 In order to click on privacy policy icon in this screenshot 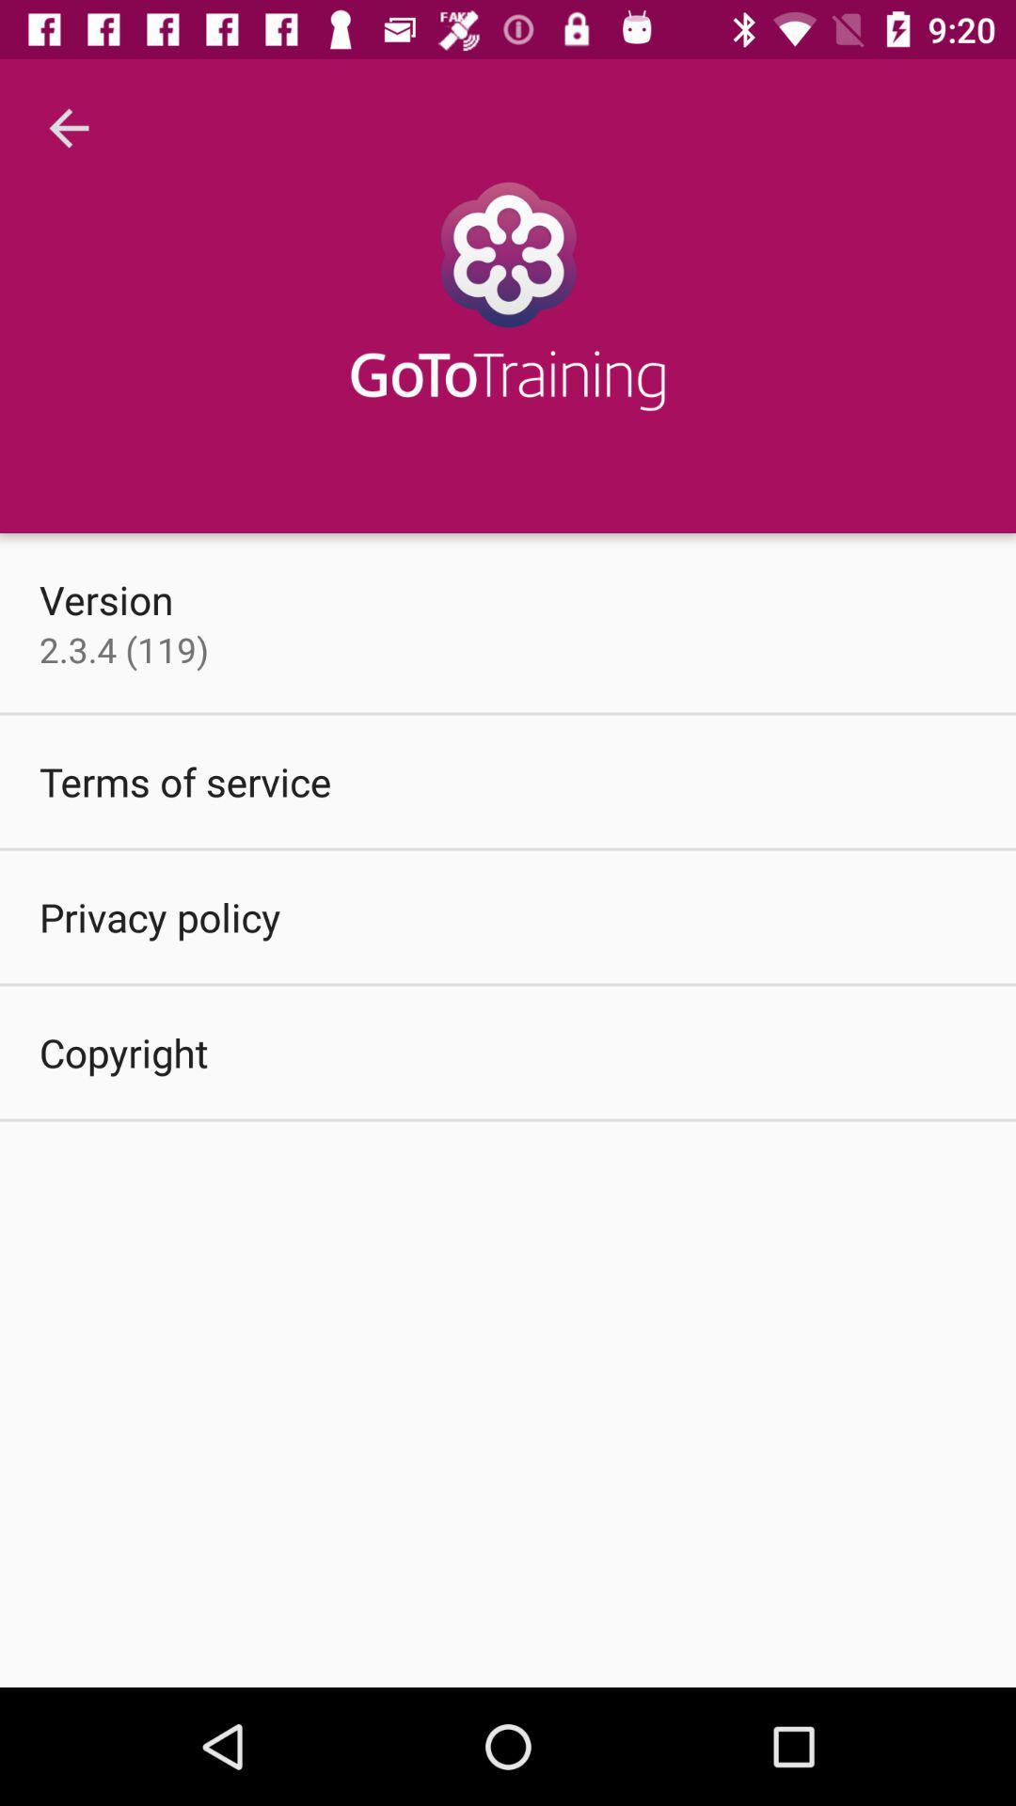, I will do `click(159, 916)`.